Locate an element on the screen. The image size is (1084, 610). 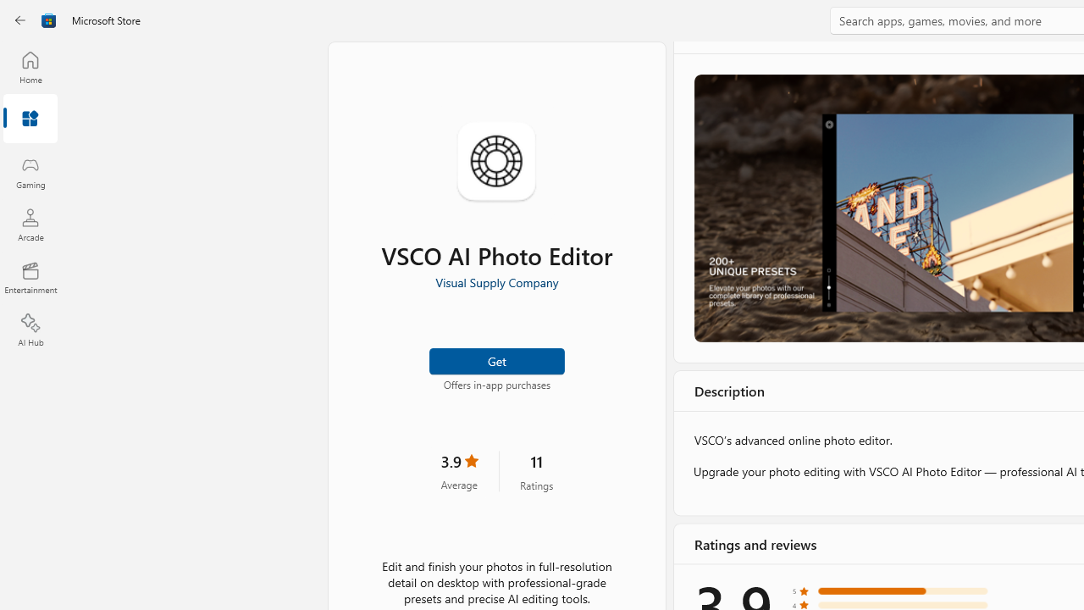
'Back' is located at coordinates (20, 20).